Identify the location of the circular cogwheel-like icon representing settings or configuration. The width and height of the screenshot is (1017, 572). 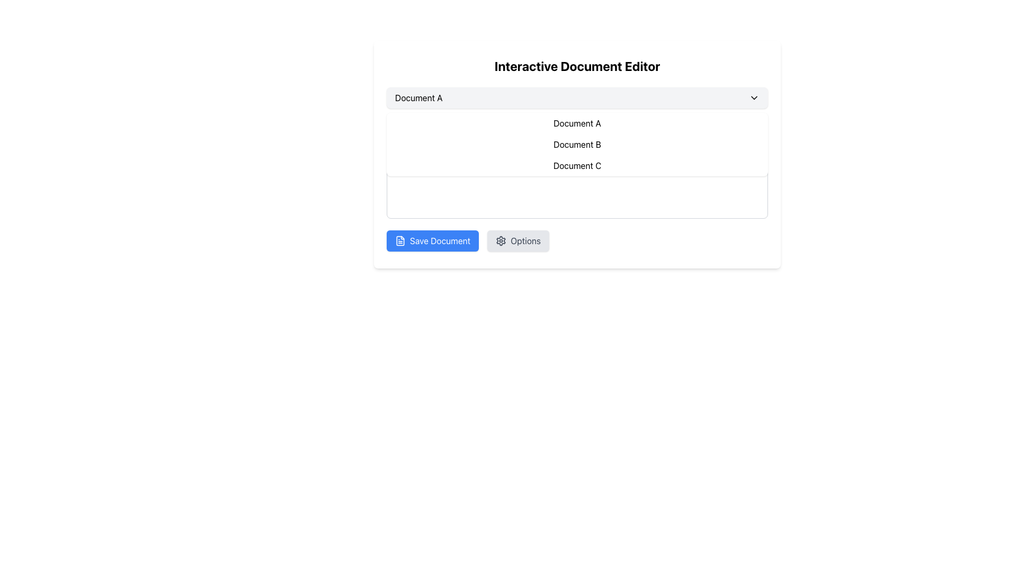
(501, 241).